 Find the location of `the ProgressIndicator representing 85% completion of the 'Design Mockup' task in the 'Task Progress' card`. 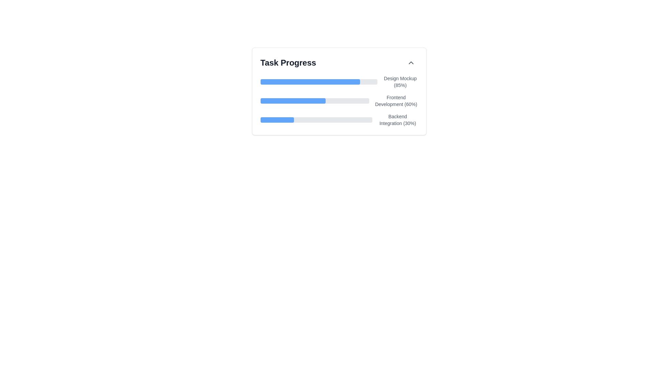

the ProgressIndicator representing 85% completion of the 'Design Mockup' task in the 'Task Progress' card is located at coordinates (310, 81).